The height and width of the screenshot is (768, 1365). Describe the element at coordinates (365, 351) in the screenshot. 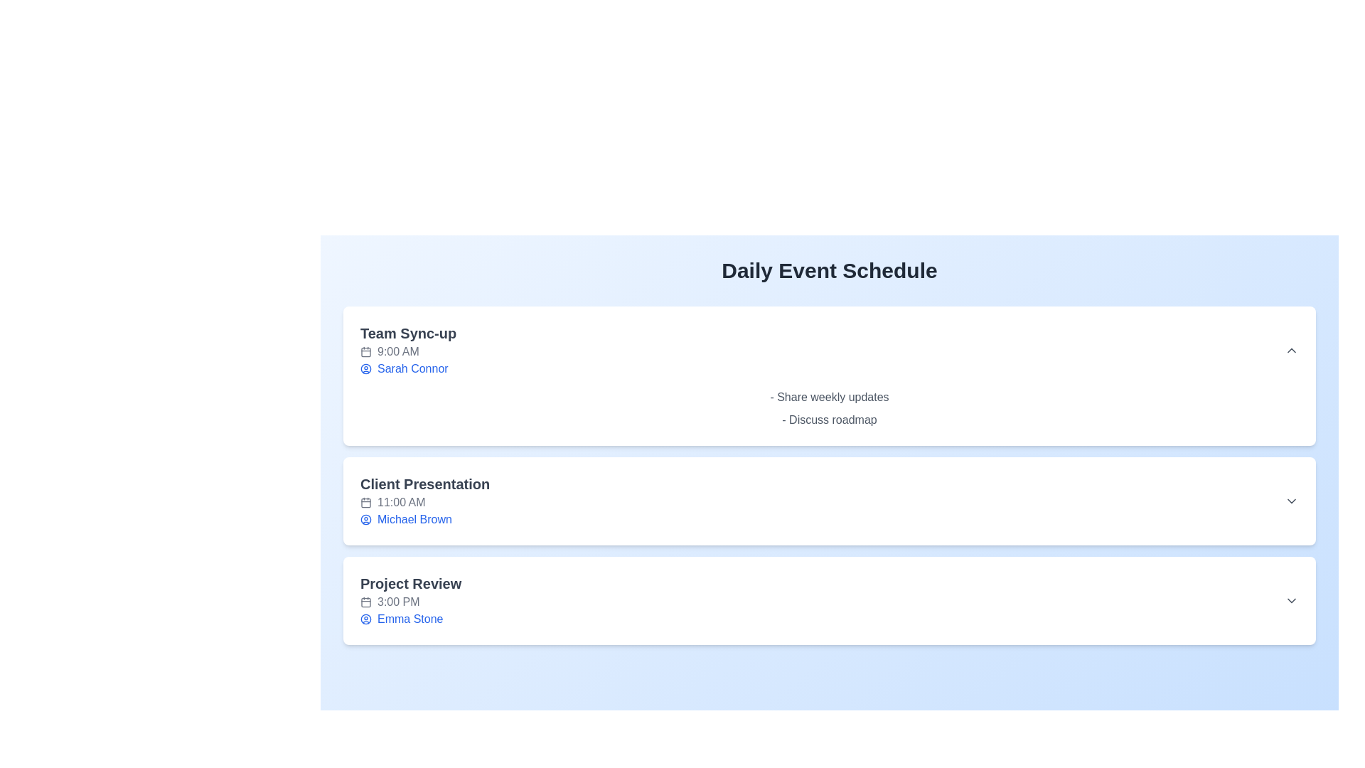

I see `the calendar icon located to the left of the '9:00 AM' text in the event details section` at that location.